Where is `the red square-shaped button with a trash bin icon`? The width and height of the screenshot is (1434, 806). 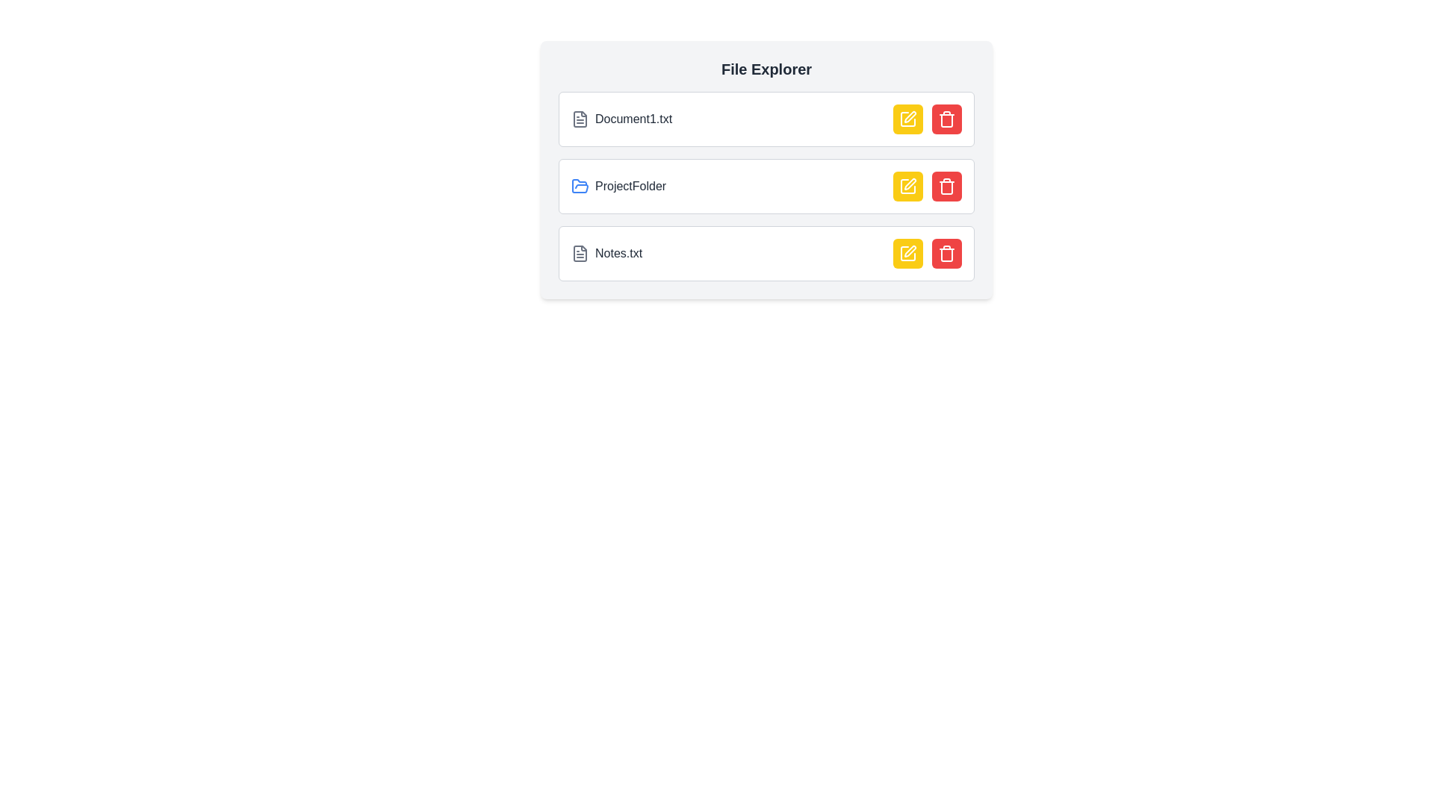 the red square-shaped button with a trash bin icon is located at coordinates (946, 252).